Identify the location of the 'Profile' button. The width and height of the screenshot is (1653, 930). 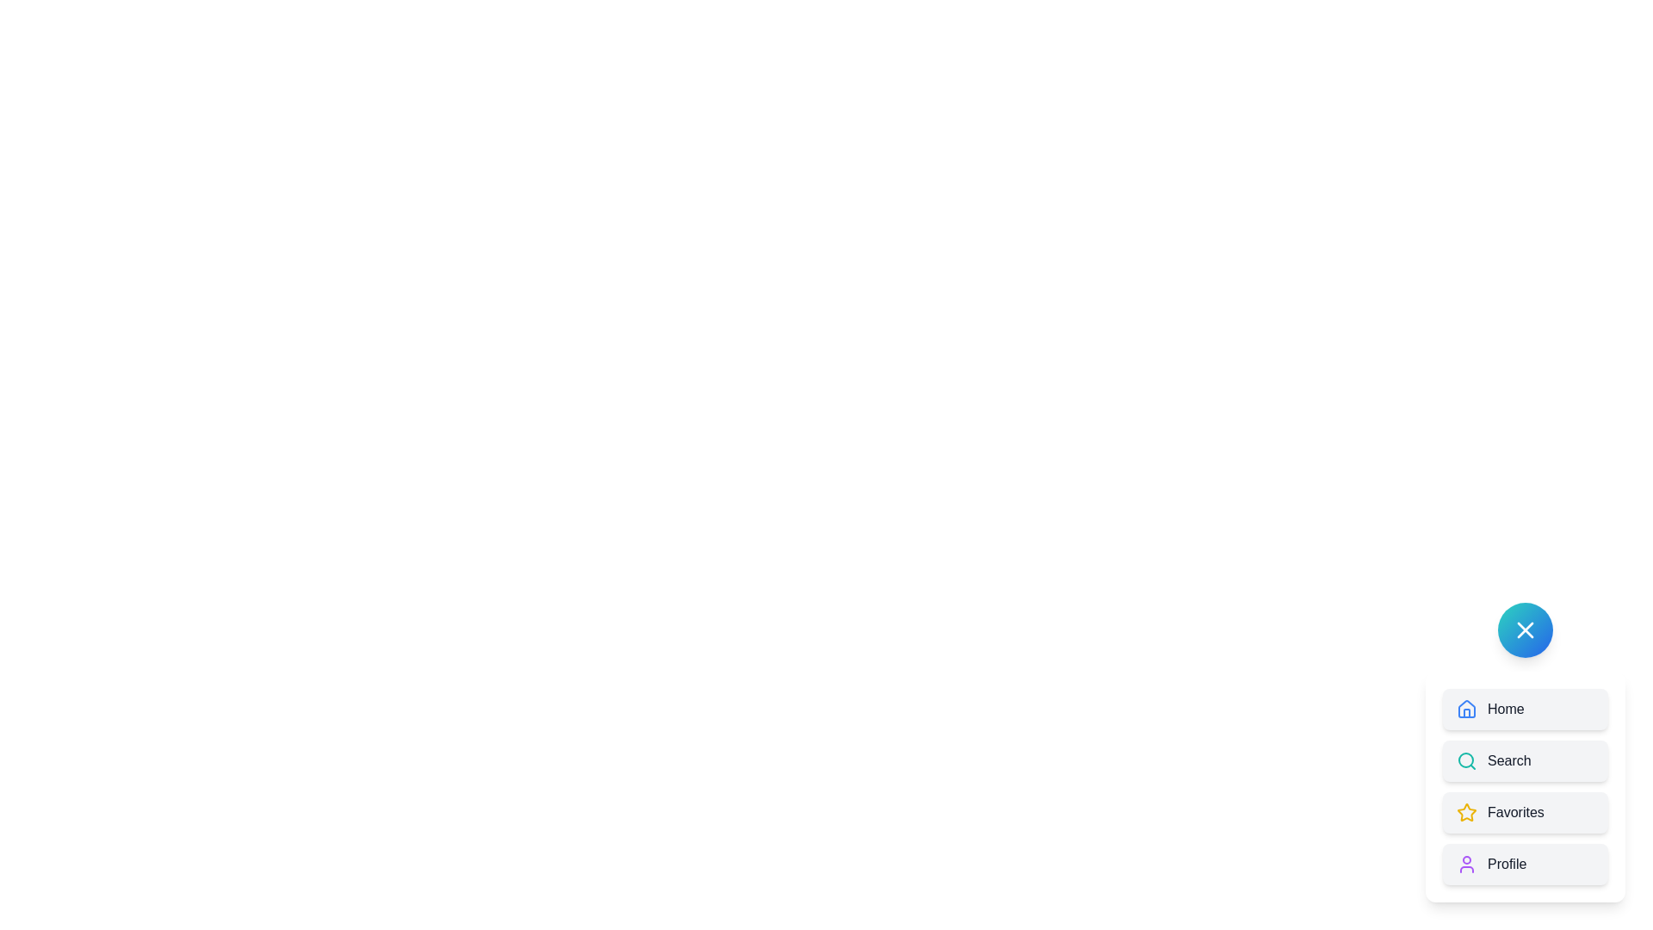
(1525, 864).